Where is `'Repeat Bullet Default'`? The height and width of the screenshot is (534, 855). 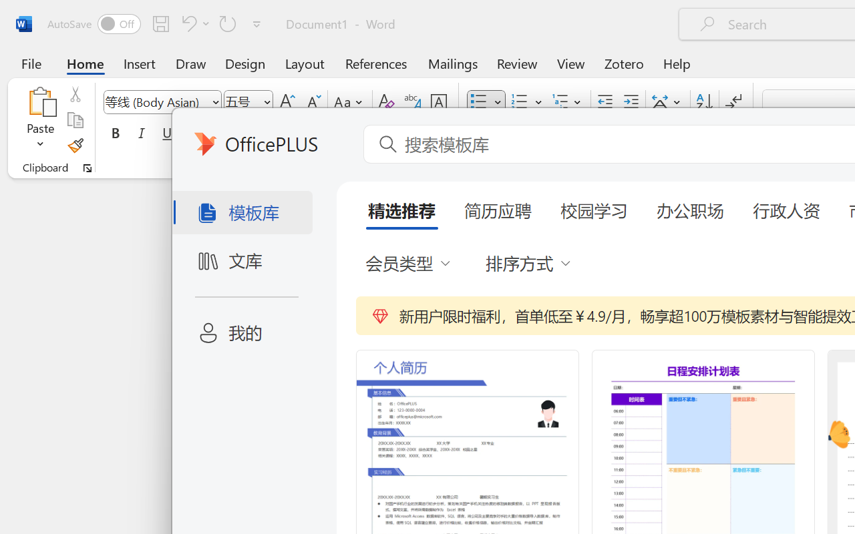 'Repeat Bullet Default' is located at coordinates (228, 23).